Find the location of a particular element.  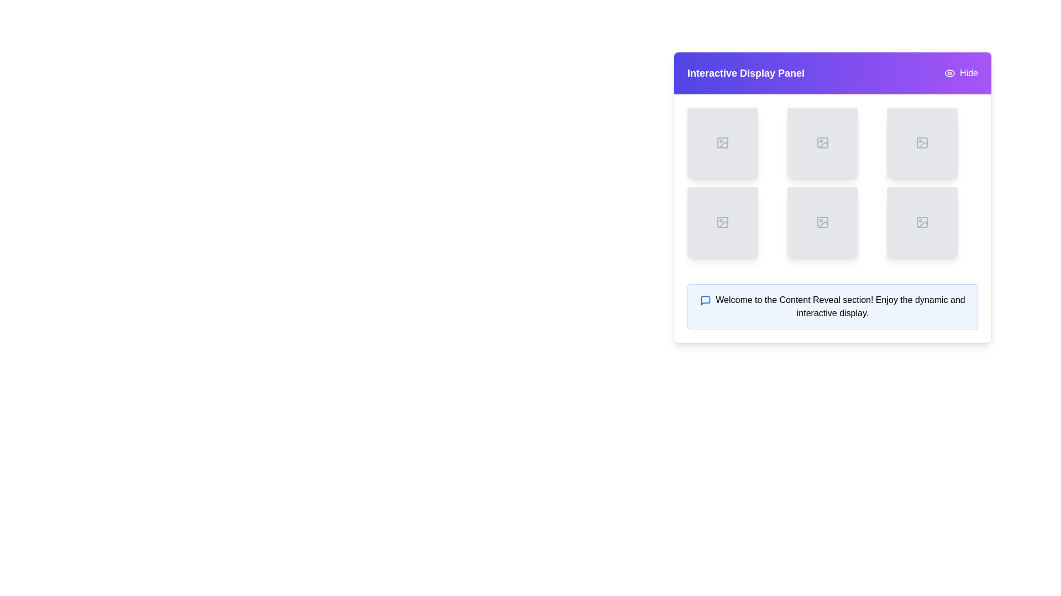

the central icon located in the top-right square of the 2x3 grid within the visible panel is located at coordinates (922, 142).